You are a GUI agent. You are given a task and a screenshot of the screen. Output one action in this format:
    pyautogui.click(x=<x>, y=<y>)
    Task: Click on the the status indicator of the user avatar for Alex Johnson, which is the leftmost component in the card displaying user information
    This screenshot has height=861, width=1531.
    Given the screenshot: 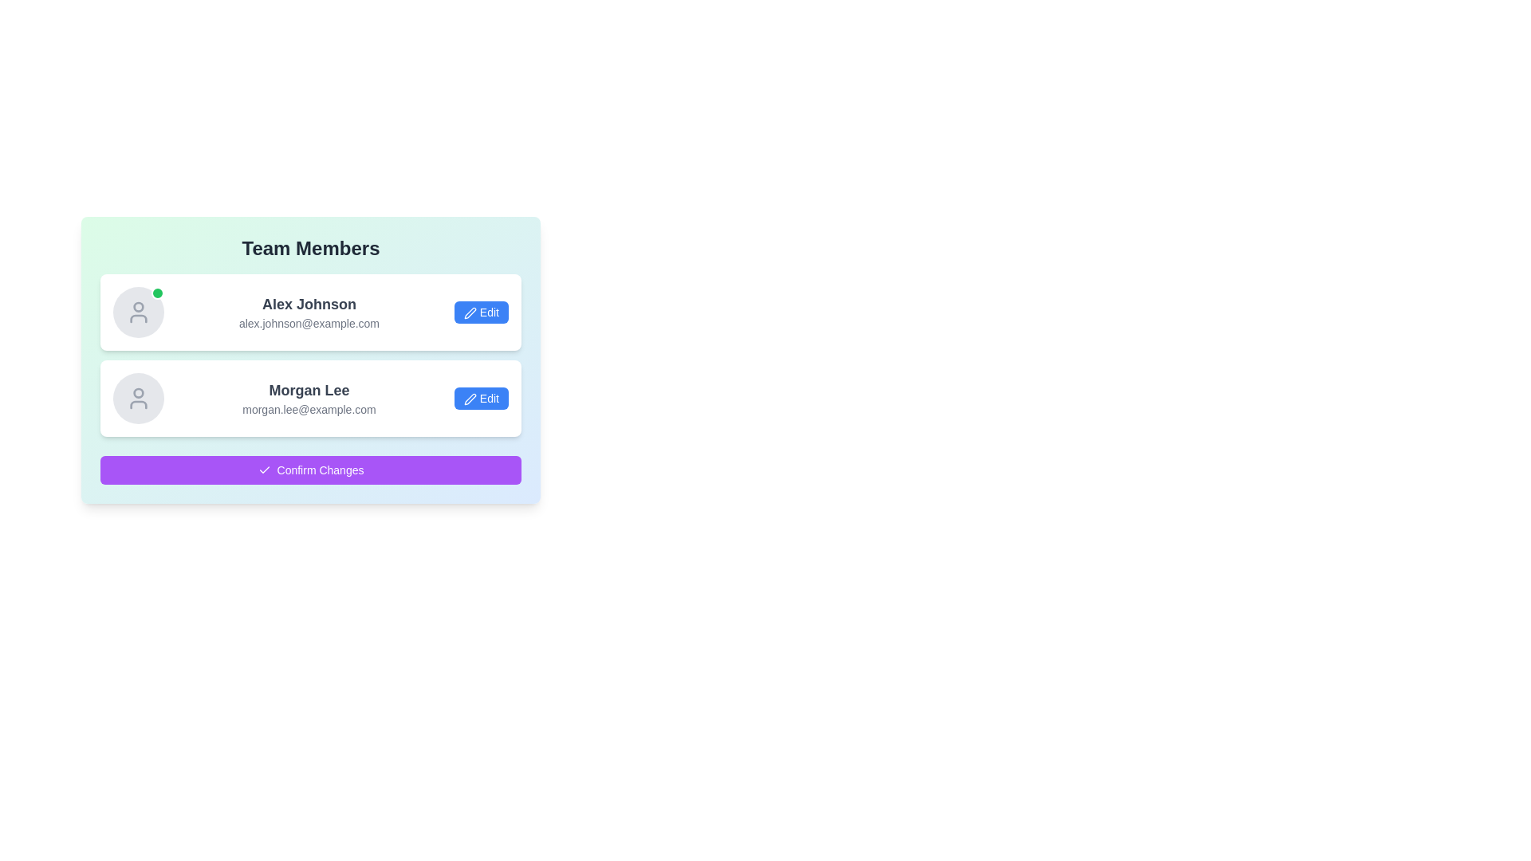 What is the action you would take?
    pyautogui.click(x=138, y=313)
    